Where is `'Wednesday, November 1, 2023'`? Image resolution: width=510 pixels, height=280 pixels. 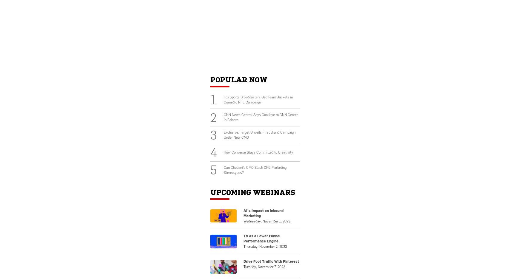 'Wednesday, November 1, 2023' is located at coordinates (266, 221).